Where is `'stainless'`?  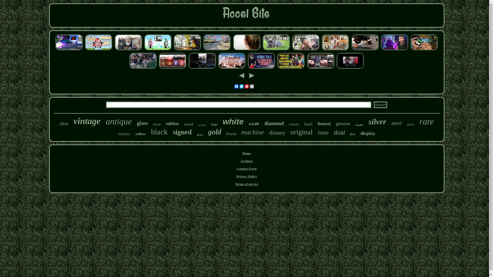 'stainless' is located at coordinates (124, 134).